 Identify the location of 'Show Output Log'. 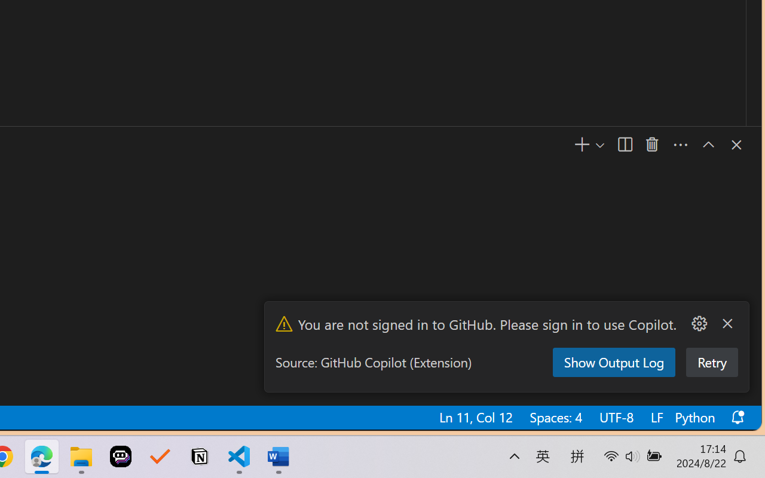
(613, 362).